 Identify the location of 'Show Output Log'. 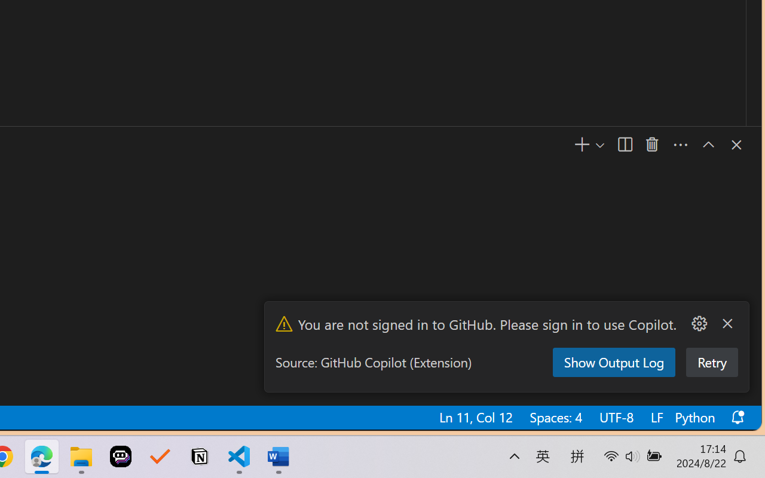
(613, 362).